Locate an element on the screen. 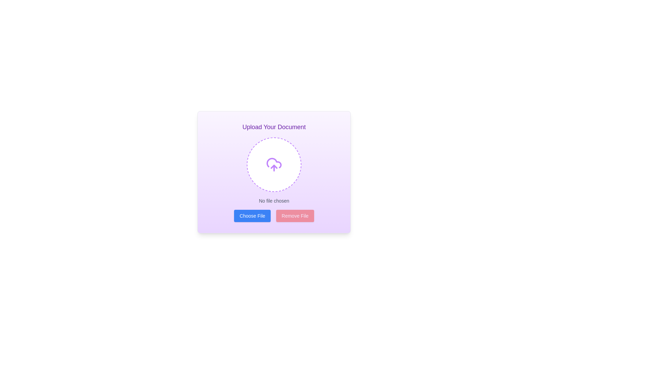 This screenshot has width=657, height=369. the red button labeled 'Remove File' is located at coordinates (295, 216).